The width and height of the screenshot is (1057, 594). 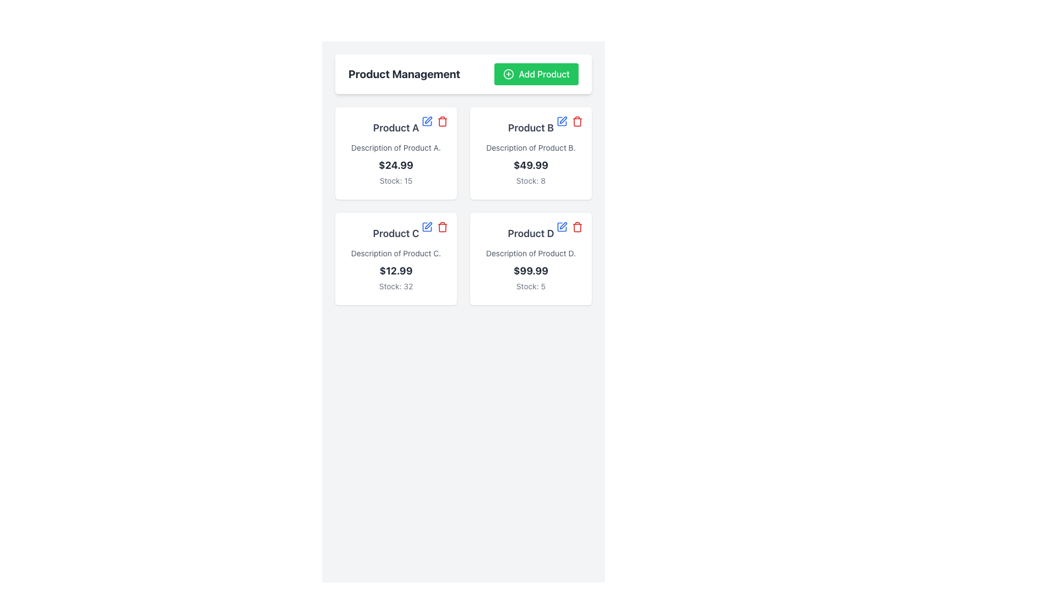 I want to click on the static text label that provides supplementary information about 'Product B', located below the product title and above the price information, so click(x=531, y=147).